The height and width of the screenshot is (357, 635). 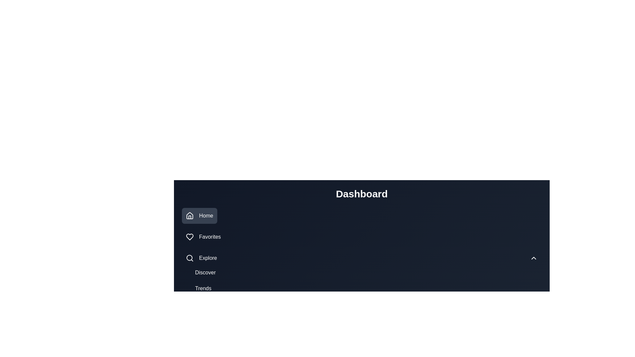 I want to click on the search icon, which is a minimalistic white magnifying glass styled icon located in the vertical navigation menu to the left of the 'Explore' label, so click(x=190, y=258).